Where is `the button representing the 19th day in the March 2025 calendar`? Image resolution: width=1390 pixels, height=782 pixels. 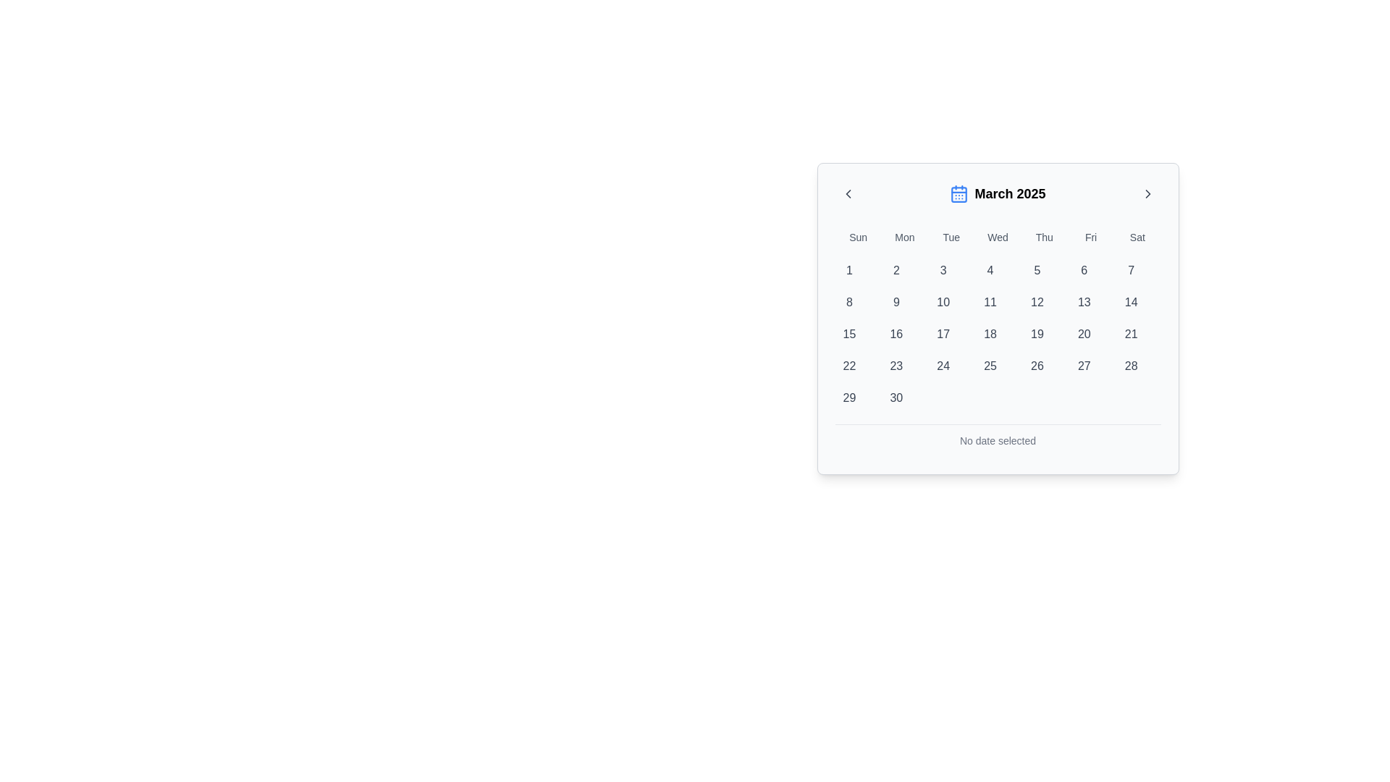 the button representing the 19th day in the March 2025 calendar is located at coordinates (1036, 335).